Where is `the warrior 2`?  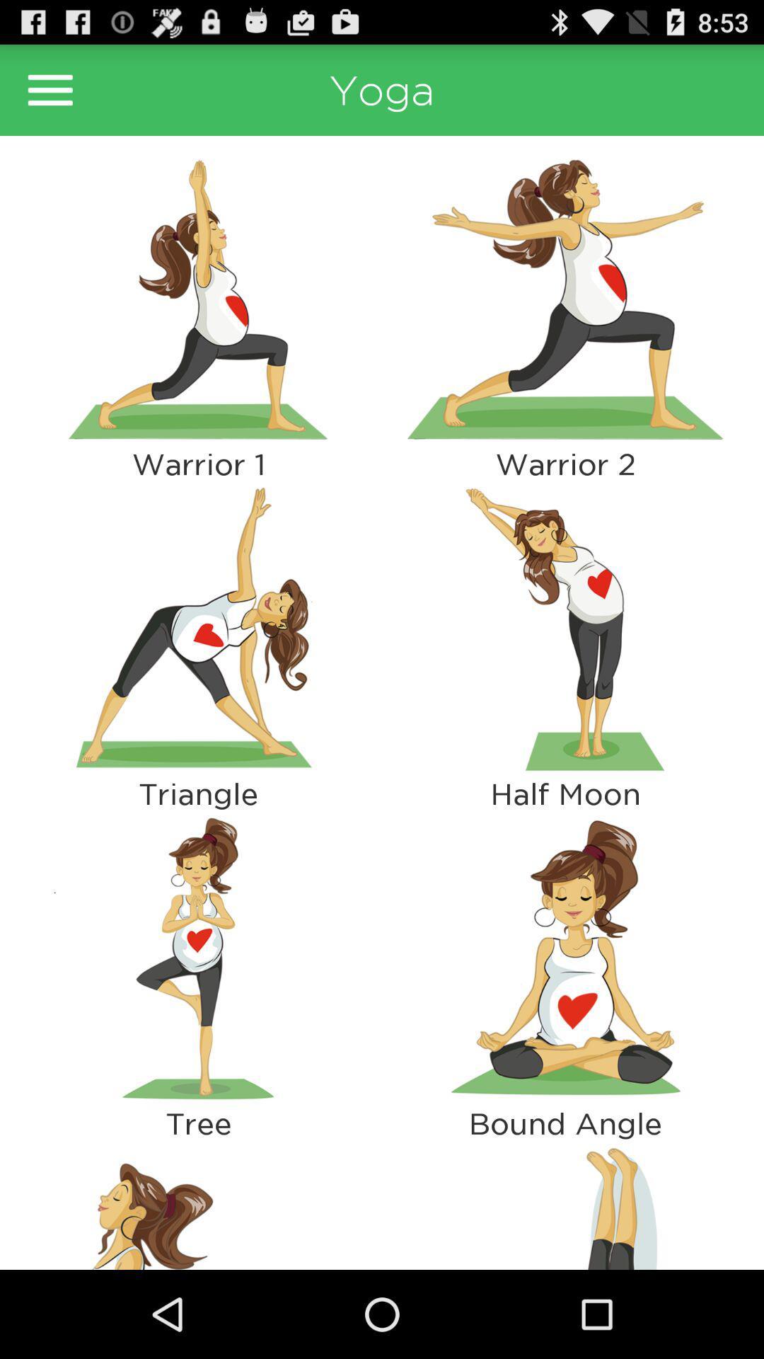 the warrior 2 is located at coordinates (565, 464).